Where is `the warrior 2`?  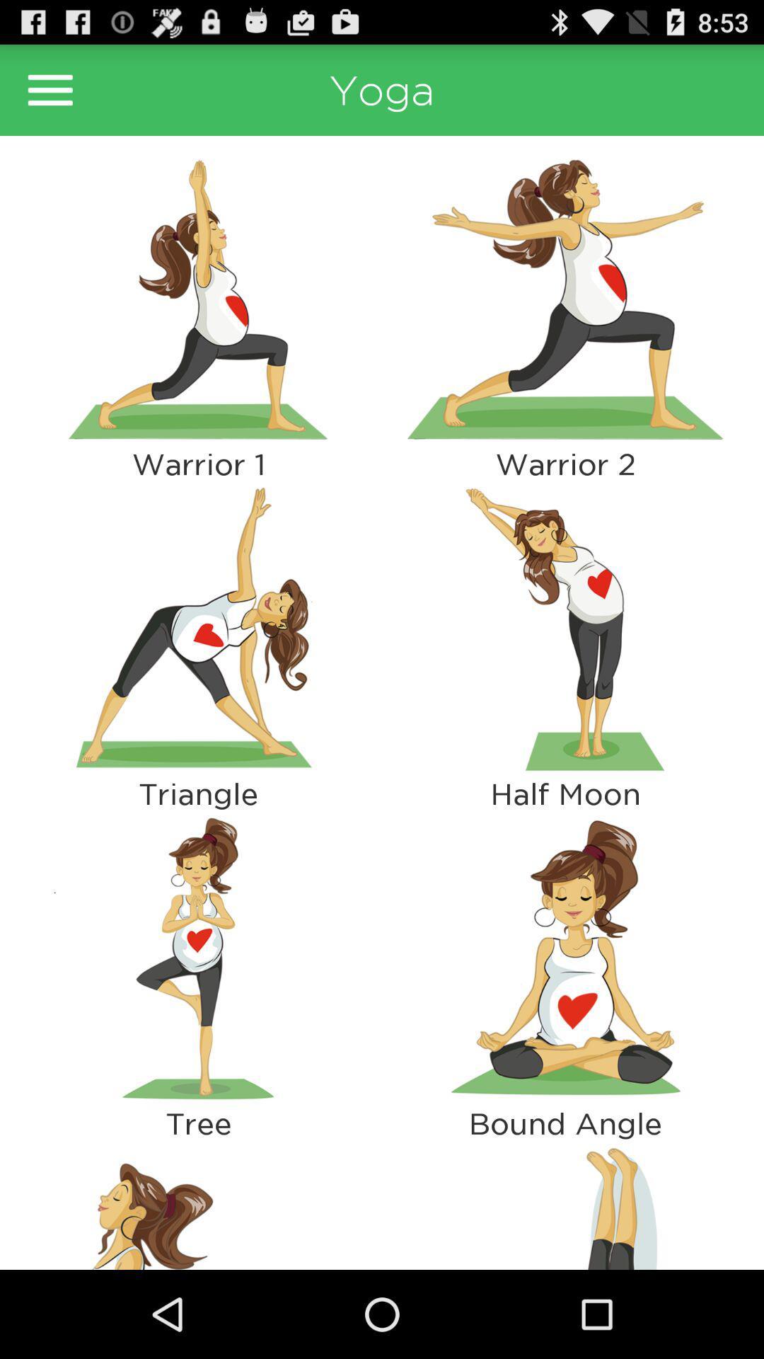 the warrior 2 is located at coordinates (565, 464).